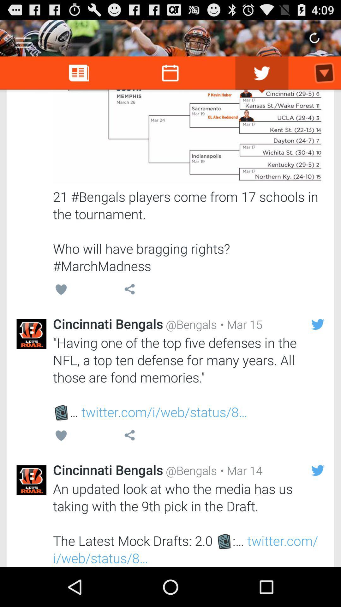 The width and height of the screenshot is (341, 607). What do you see at coordinates (188, 377) in the screenshot?
I see `the item below the cincinnati bengals item` at bounding box center [188, 377].